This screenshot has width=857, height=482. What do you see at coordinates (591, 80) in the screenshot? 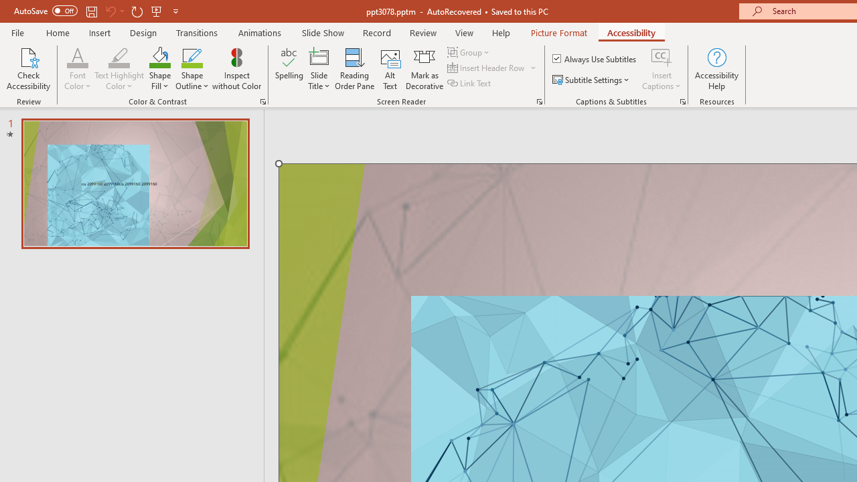
I see `'Subtitle Settings'` at bounding box center [591, 80].